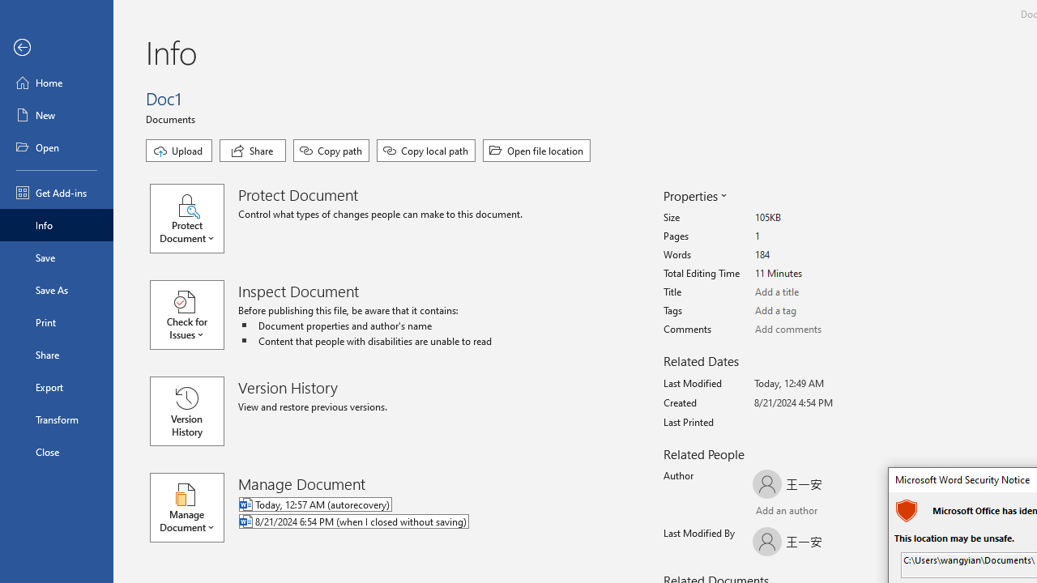  Describe the element at coordinates (815, 255) in the screenshot. I see `'Words'` at that location.